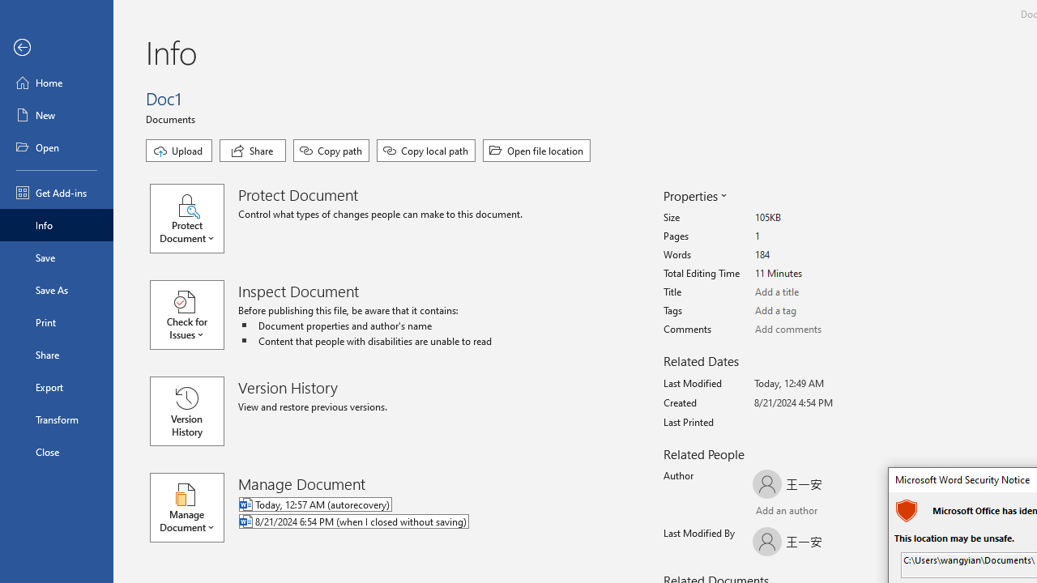  Describe the element at coordinates (815, 255) in the screenshot. I see `'Words'` at that location.